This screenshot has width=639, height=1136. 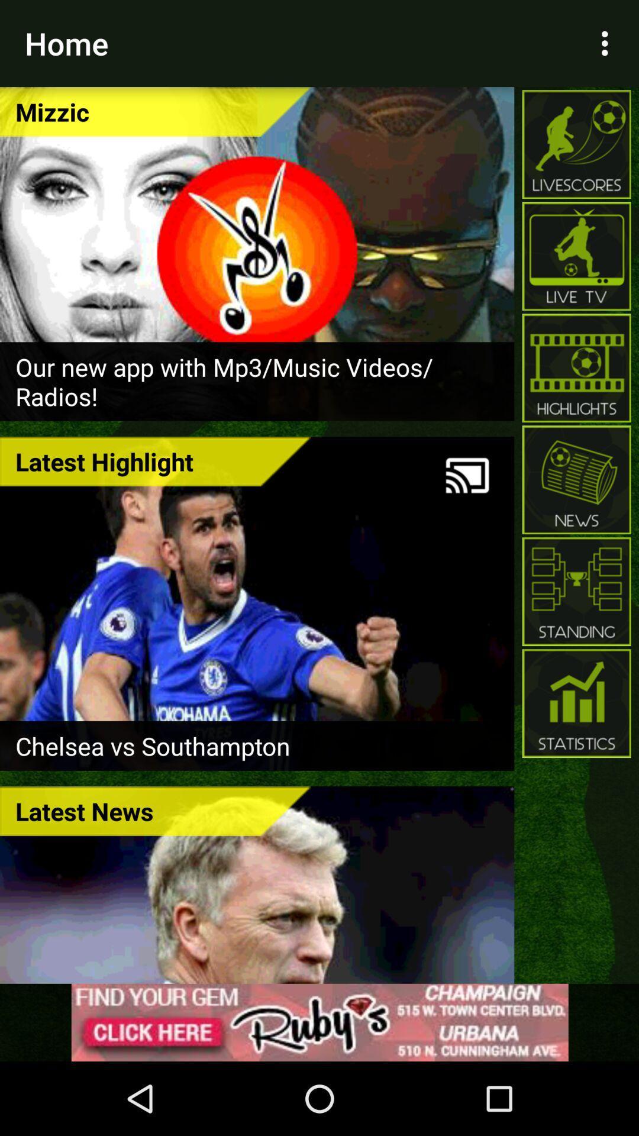 What do you see at coordinates (154, 111) in the screenshot?
I see `icon above our new app icon` at bounding box center [154, 111].